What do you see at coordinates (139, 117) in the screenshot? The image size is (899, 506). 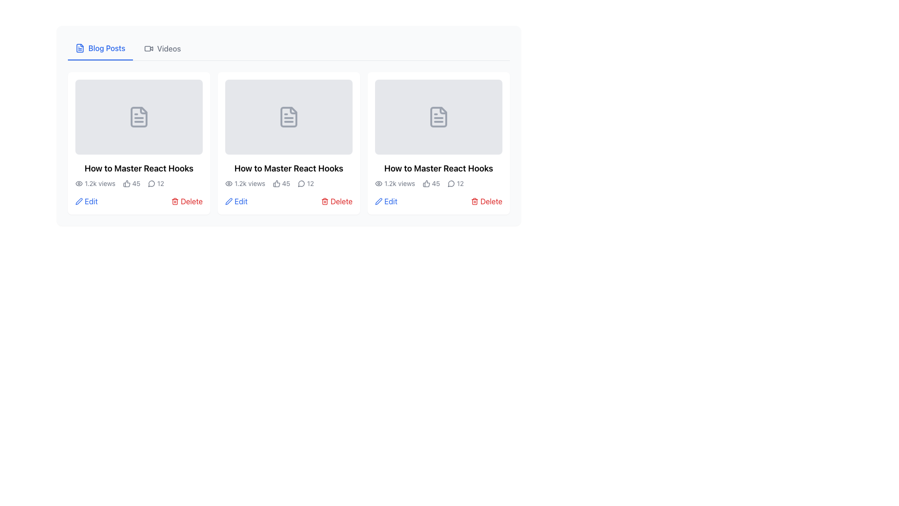 I see `the gray file icon with text lines, located in the top-left corner of the grid layout` at bounding box center [139, 117].